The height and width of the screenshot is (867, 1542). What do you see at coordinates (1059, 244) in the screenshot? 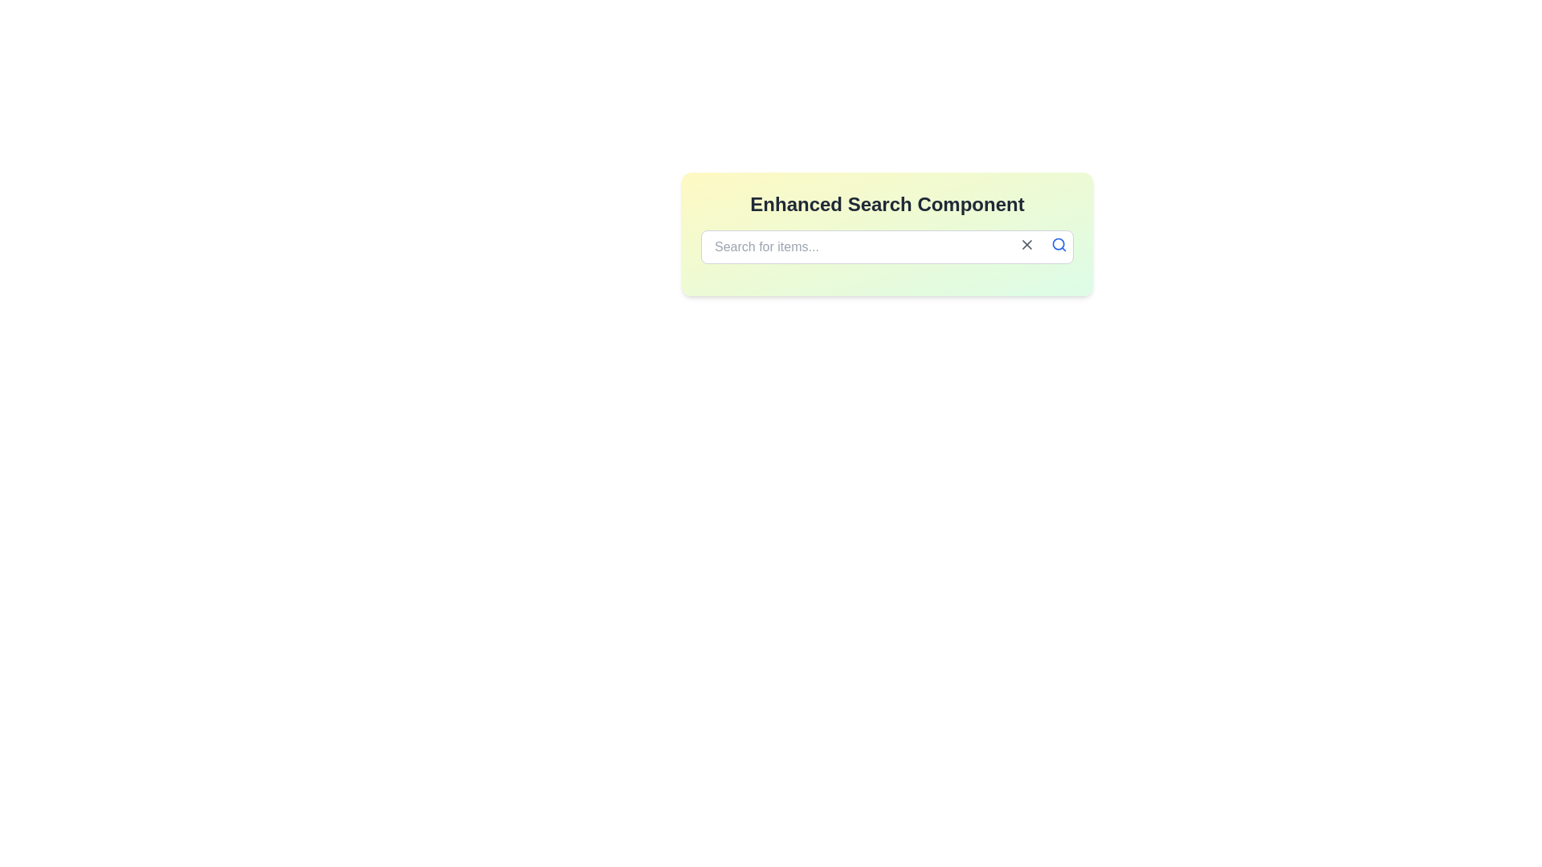
I see `the magnifying glass icon representing the search action located at the top right corner of the search field` at bounding box center [1059, 244].